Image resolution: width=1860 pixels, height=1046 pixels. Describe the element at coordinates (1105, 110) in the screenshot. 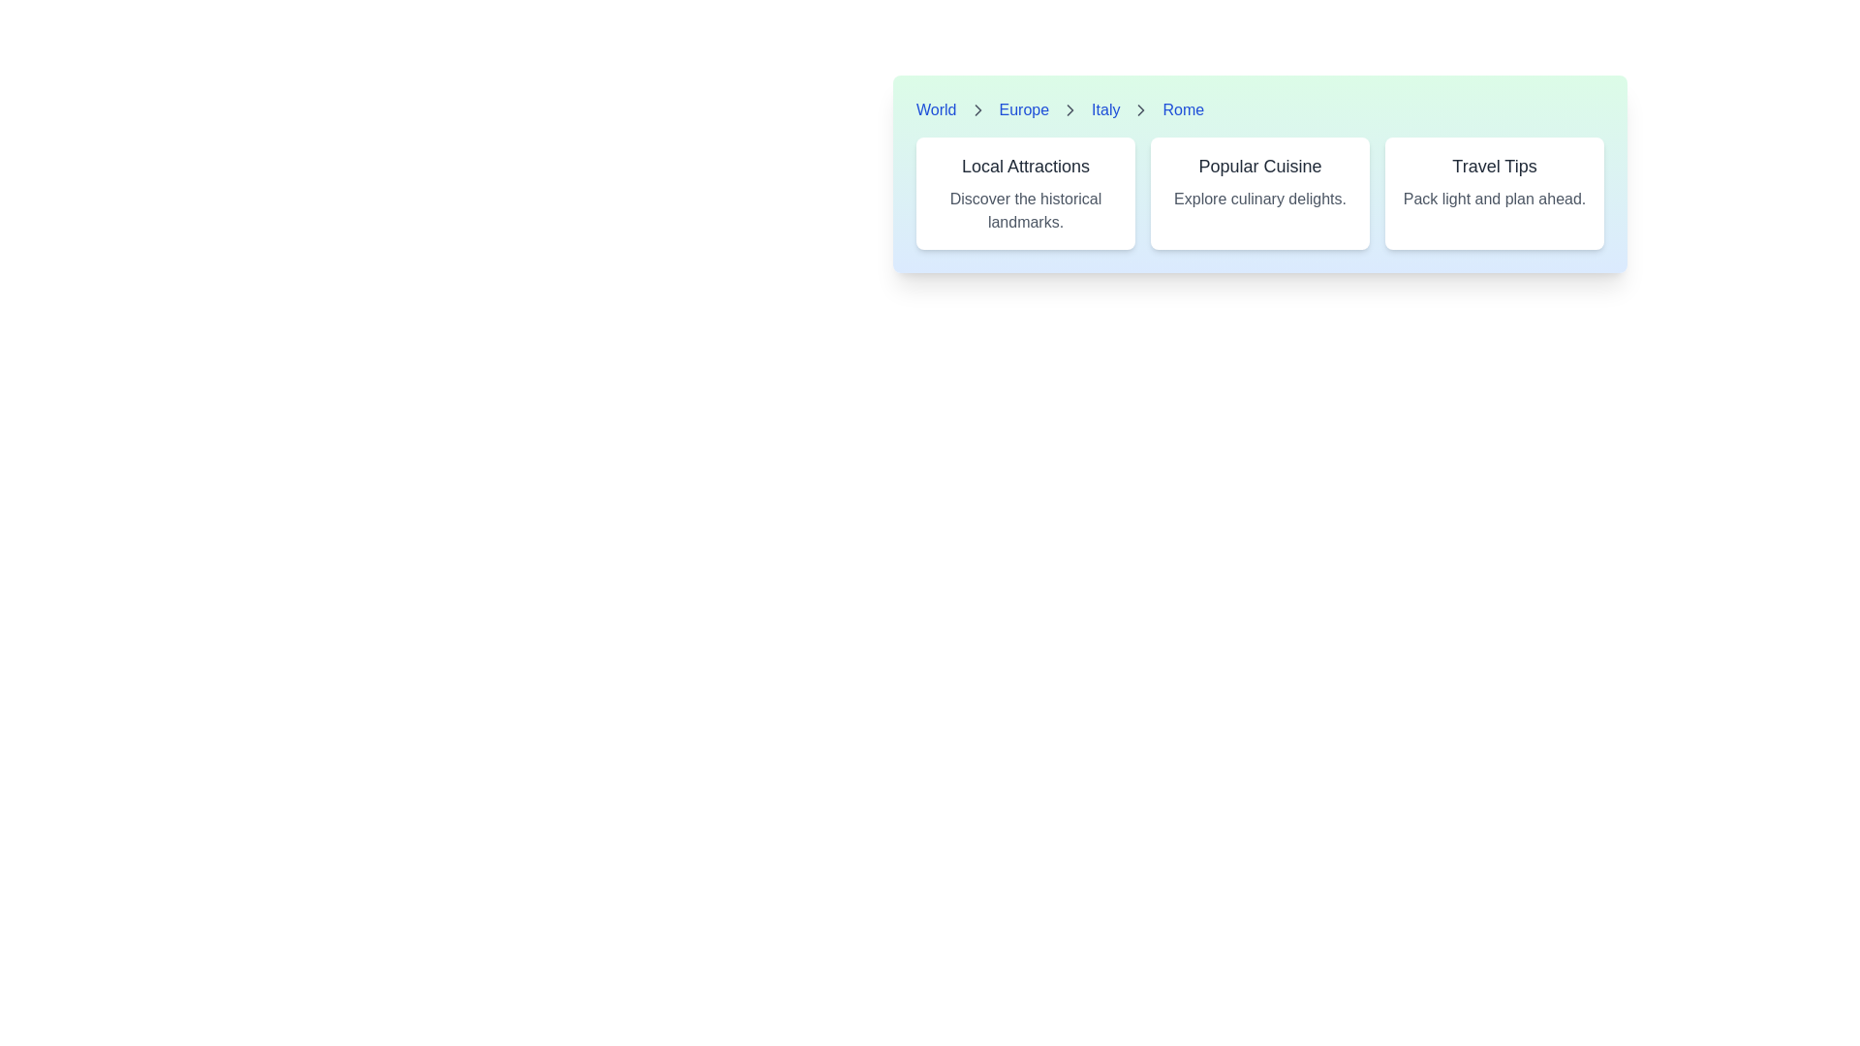

I see `the clickable text link labeled 'Italy' in the breadcrumb navigation bar` at that location.